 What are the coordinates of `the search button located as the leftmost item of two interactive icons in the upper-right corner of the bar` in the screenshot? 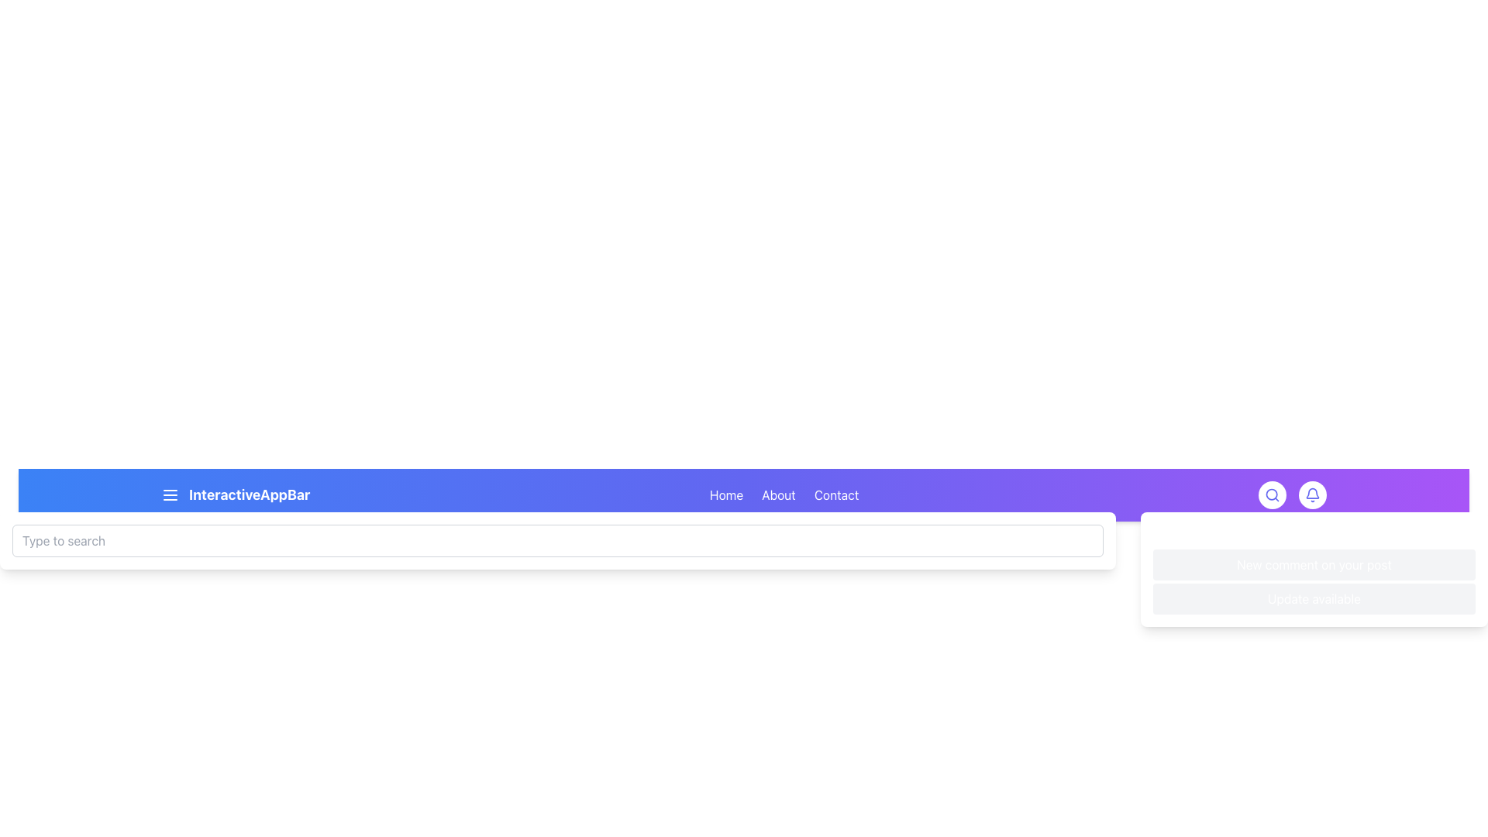 It's located at (1272, 495).